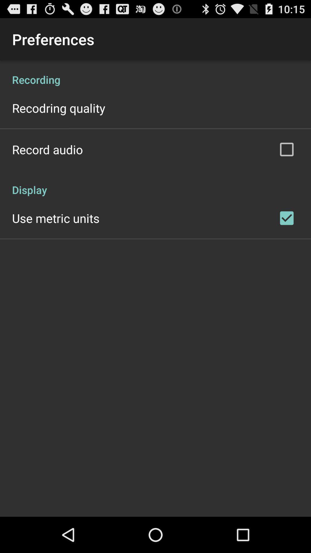 This screenshot has width=311, height=553. Describe the element at coordinates (47, 149) in the screenshot. I see `the app below recodring quality icon` at that location.